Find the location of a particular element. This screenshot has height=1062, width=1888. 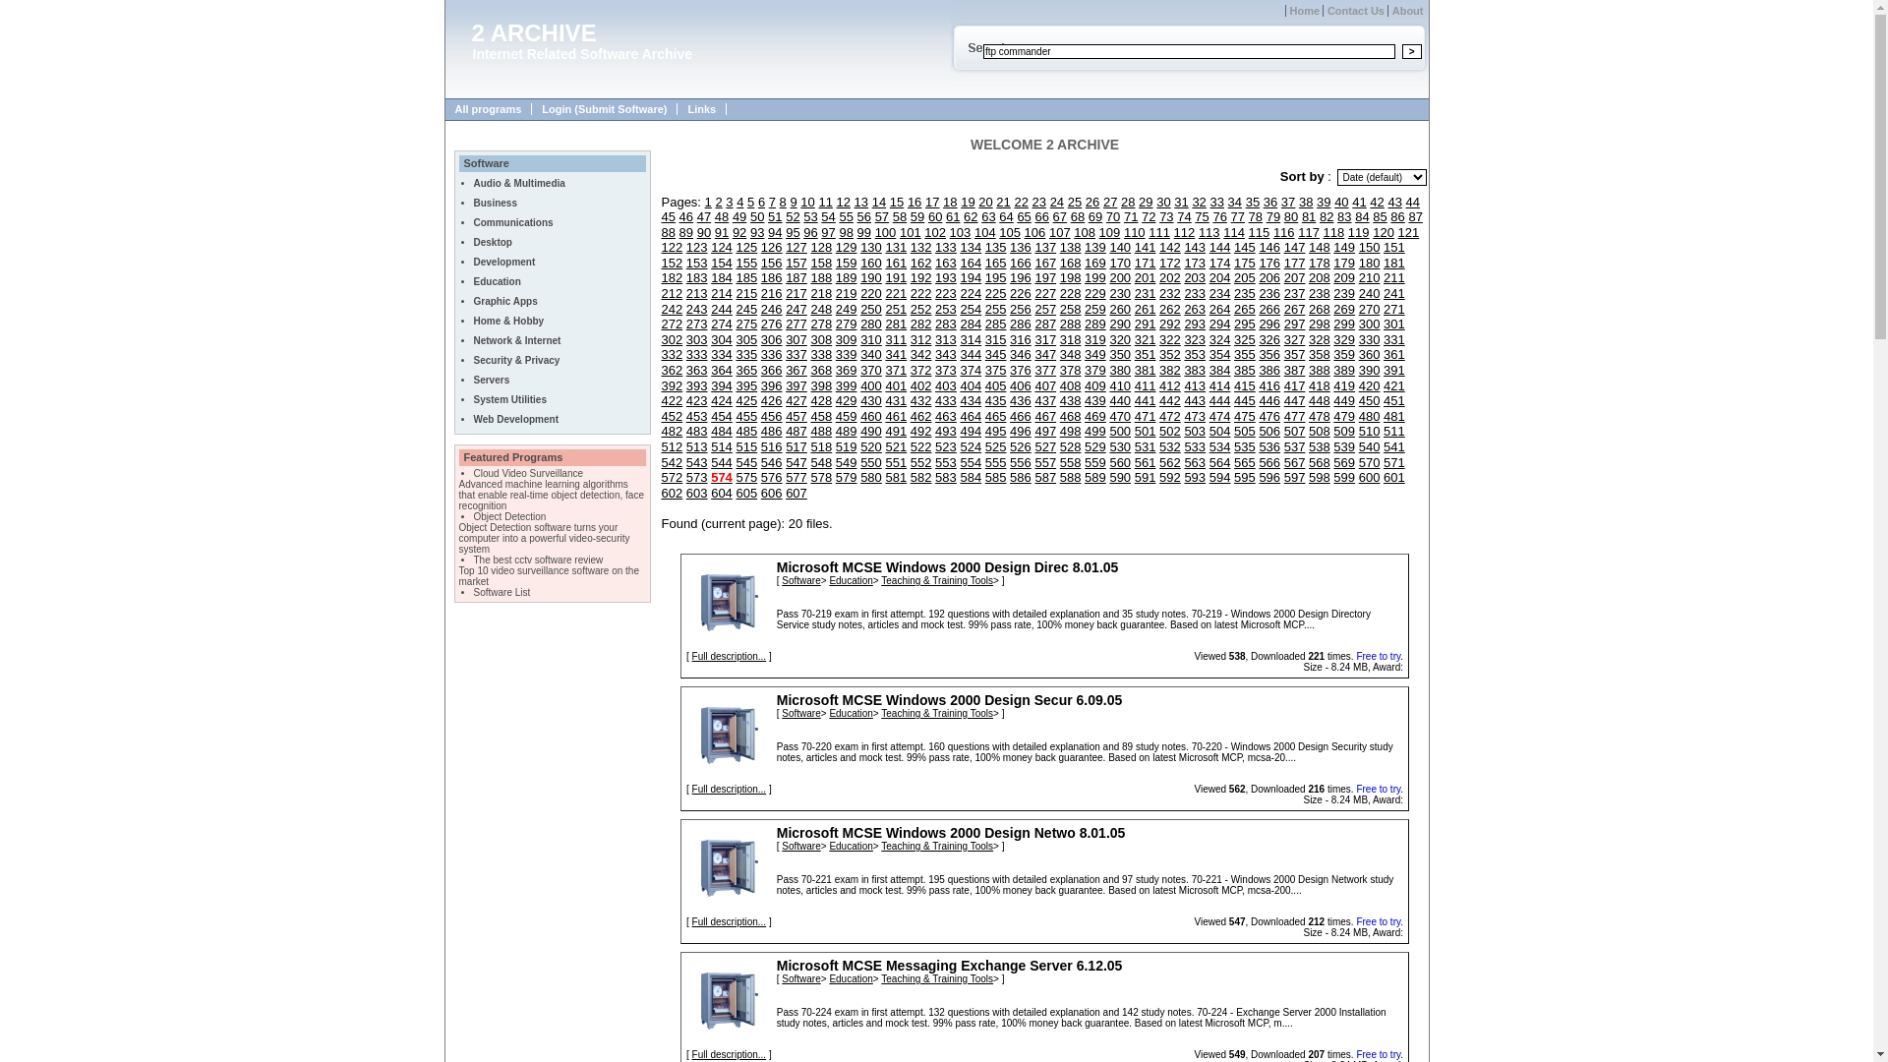

'294' is located at coordinates (1208, 323).